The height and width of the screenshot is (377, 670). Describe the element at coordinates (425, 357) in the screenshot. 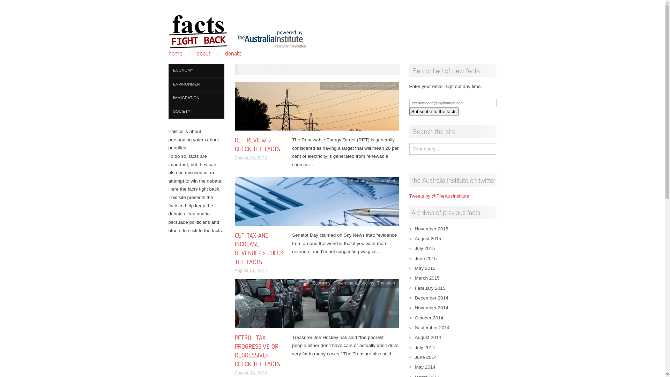

I see `'June 2014'` at that location.